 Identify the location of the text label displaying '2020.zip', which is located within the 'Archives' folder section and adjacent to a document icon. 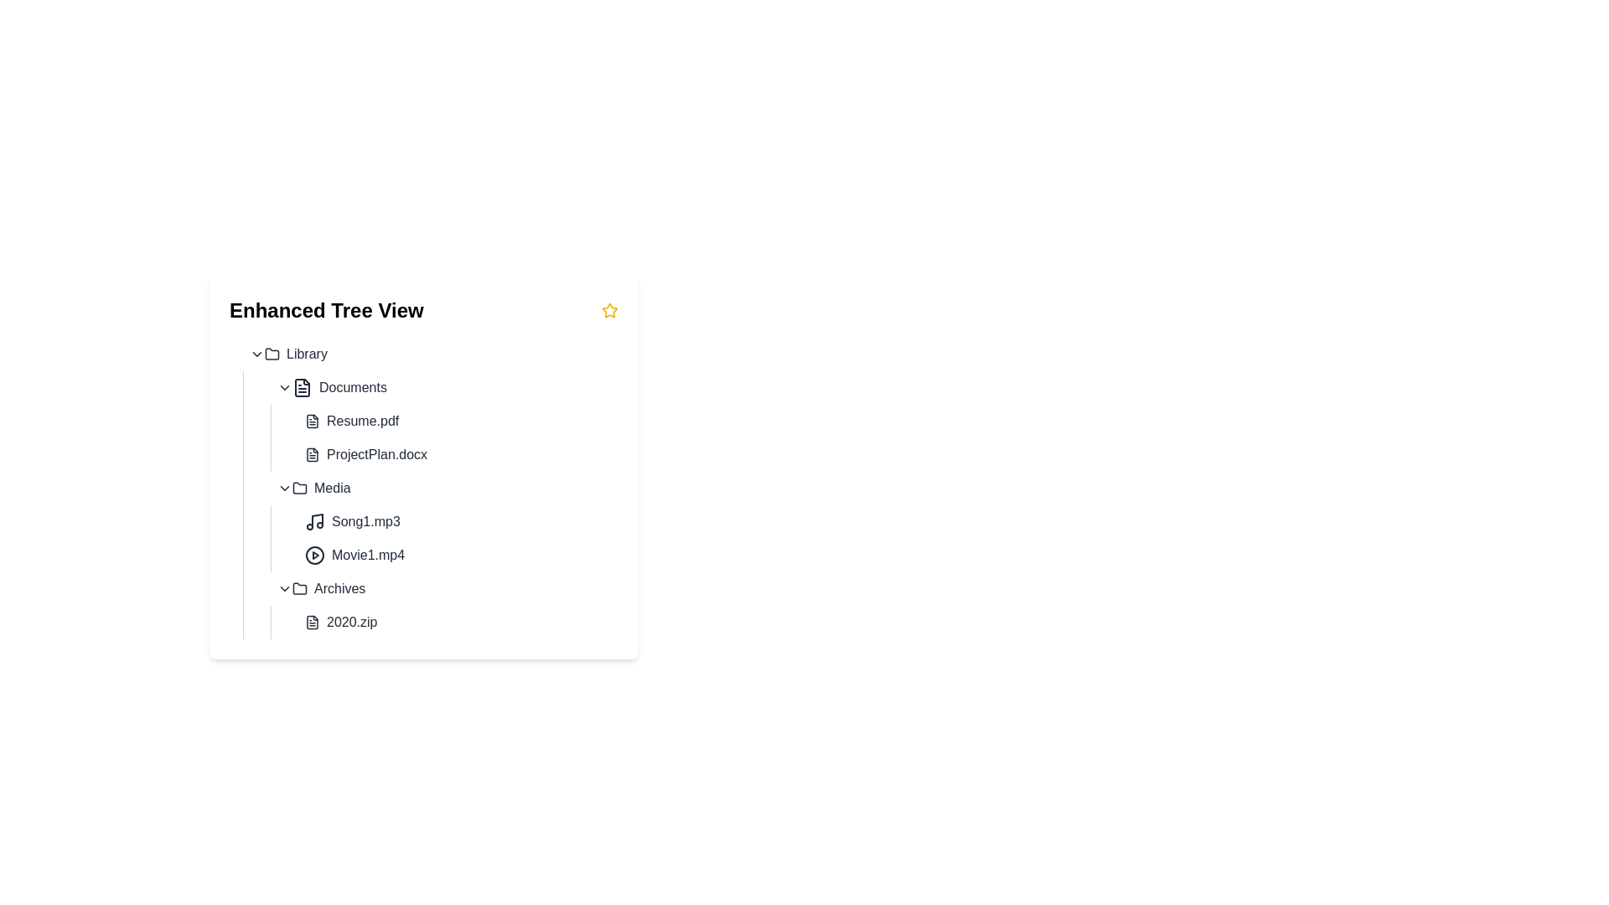
(351, 623).